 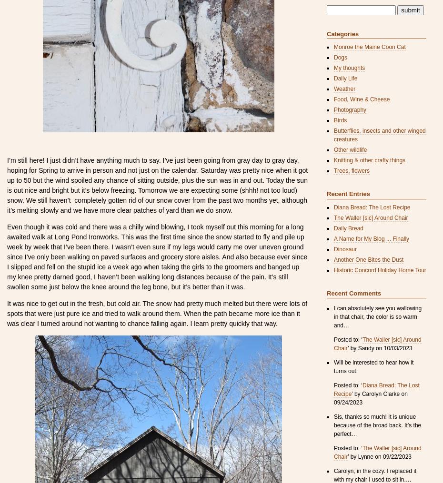 What do you see at coordinates (374, 475) in the screenshot?
I see `'Carolyn, in the cozy. I replaced it with my chair I used to sit in.…'` at bounding box center [374, 475].